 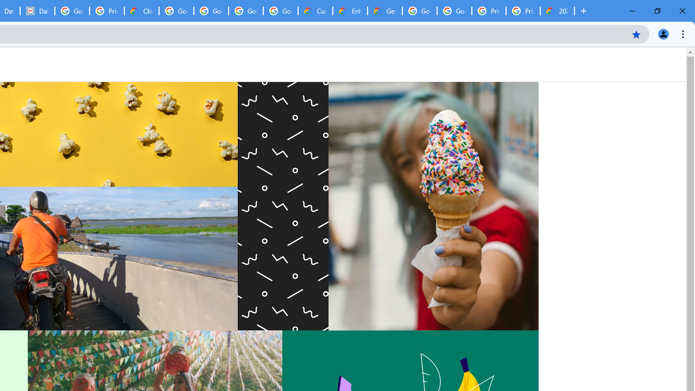 What do you see at coordinates (419, 11) in the screenshot?
I see `'Google Cloud Platform'` at bounding box center [419, 11].